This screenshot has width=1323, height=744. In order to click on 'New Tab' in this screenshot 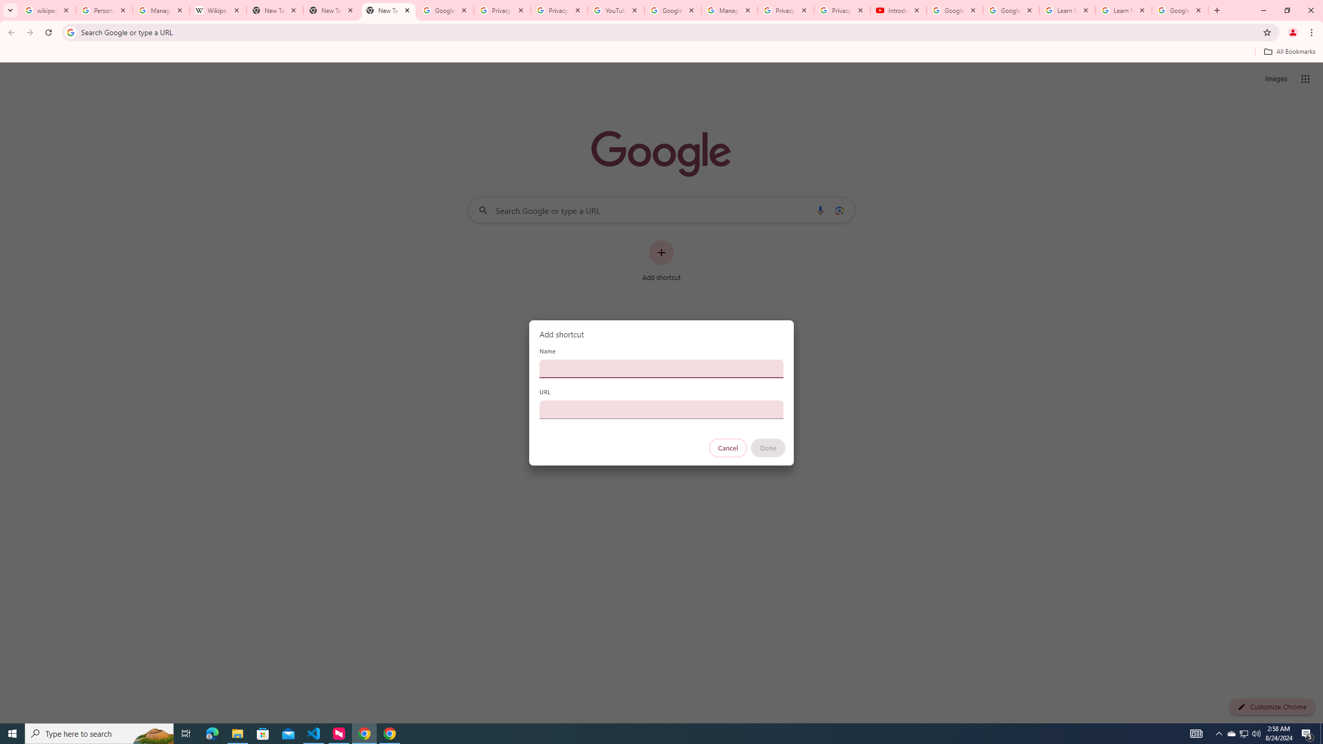, I will do `click(331, 10)`.